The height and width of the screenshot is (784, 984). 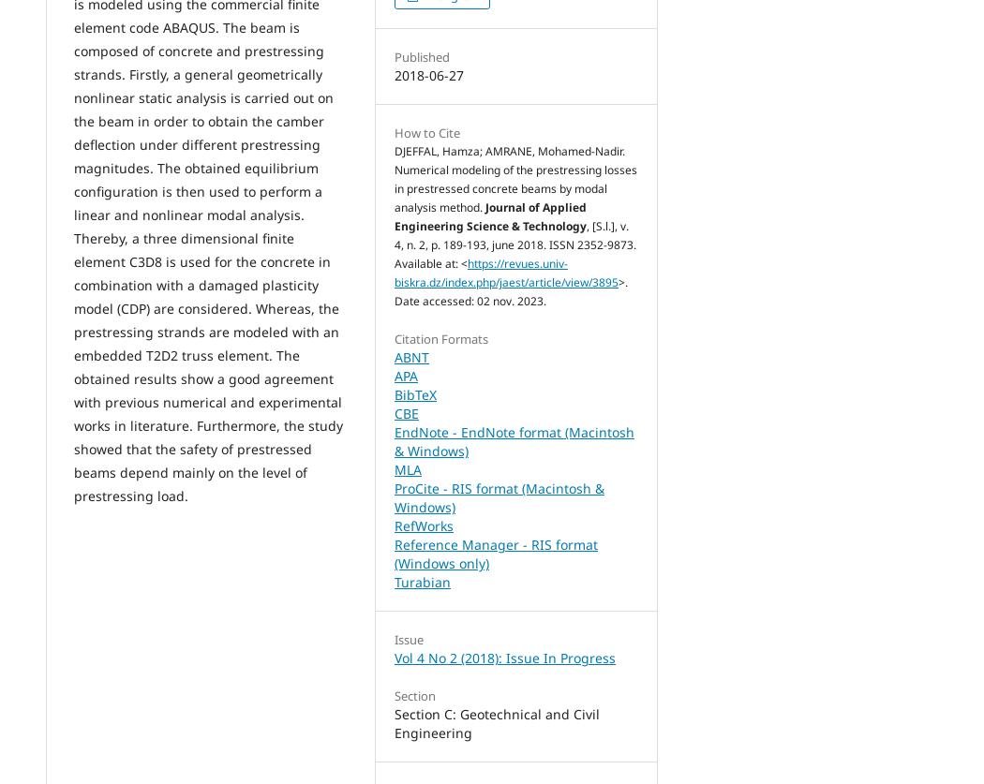 What do you see at coordinates (410, 357) in the screenshot?
I see `'ABNT'` at bounding box center [410, 357].